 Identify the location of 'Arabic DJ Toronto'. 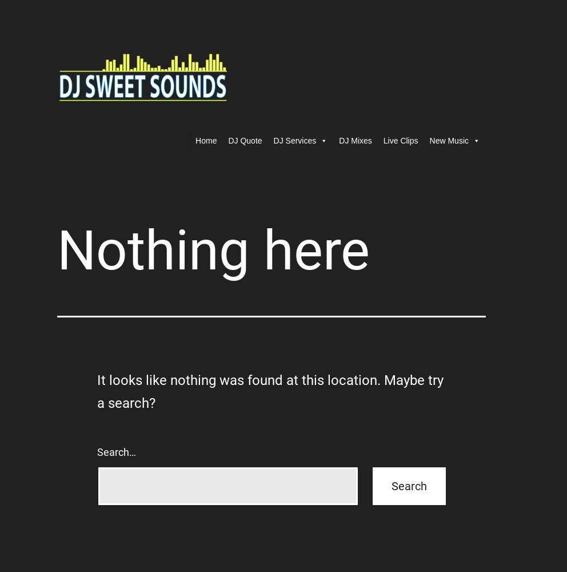
(273, 267).